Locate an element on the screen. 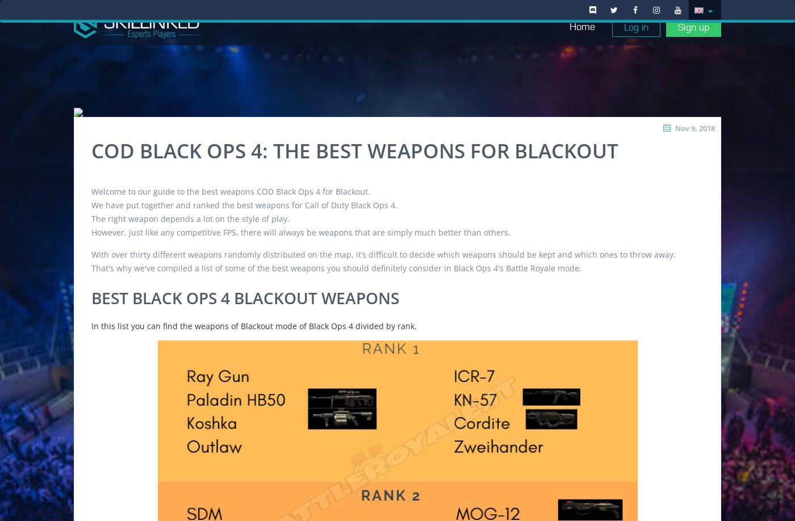 The height and width of the screenshot is (521, 795). 'Welcome to our guide to the best weapons COD Black Ops 4 for Blackout.' is located at coordinates (231, 191).